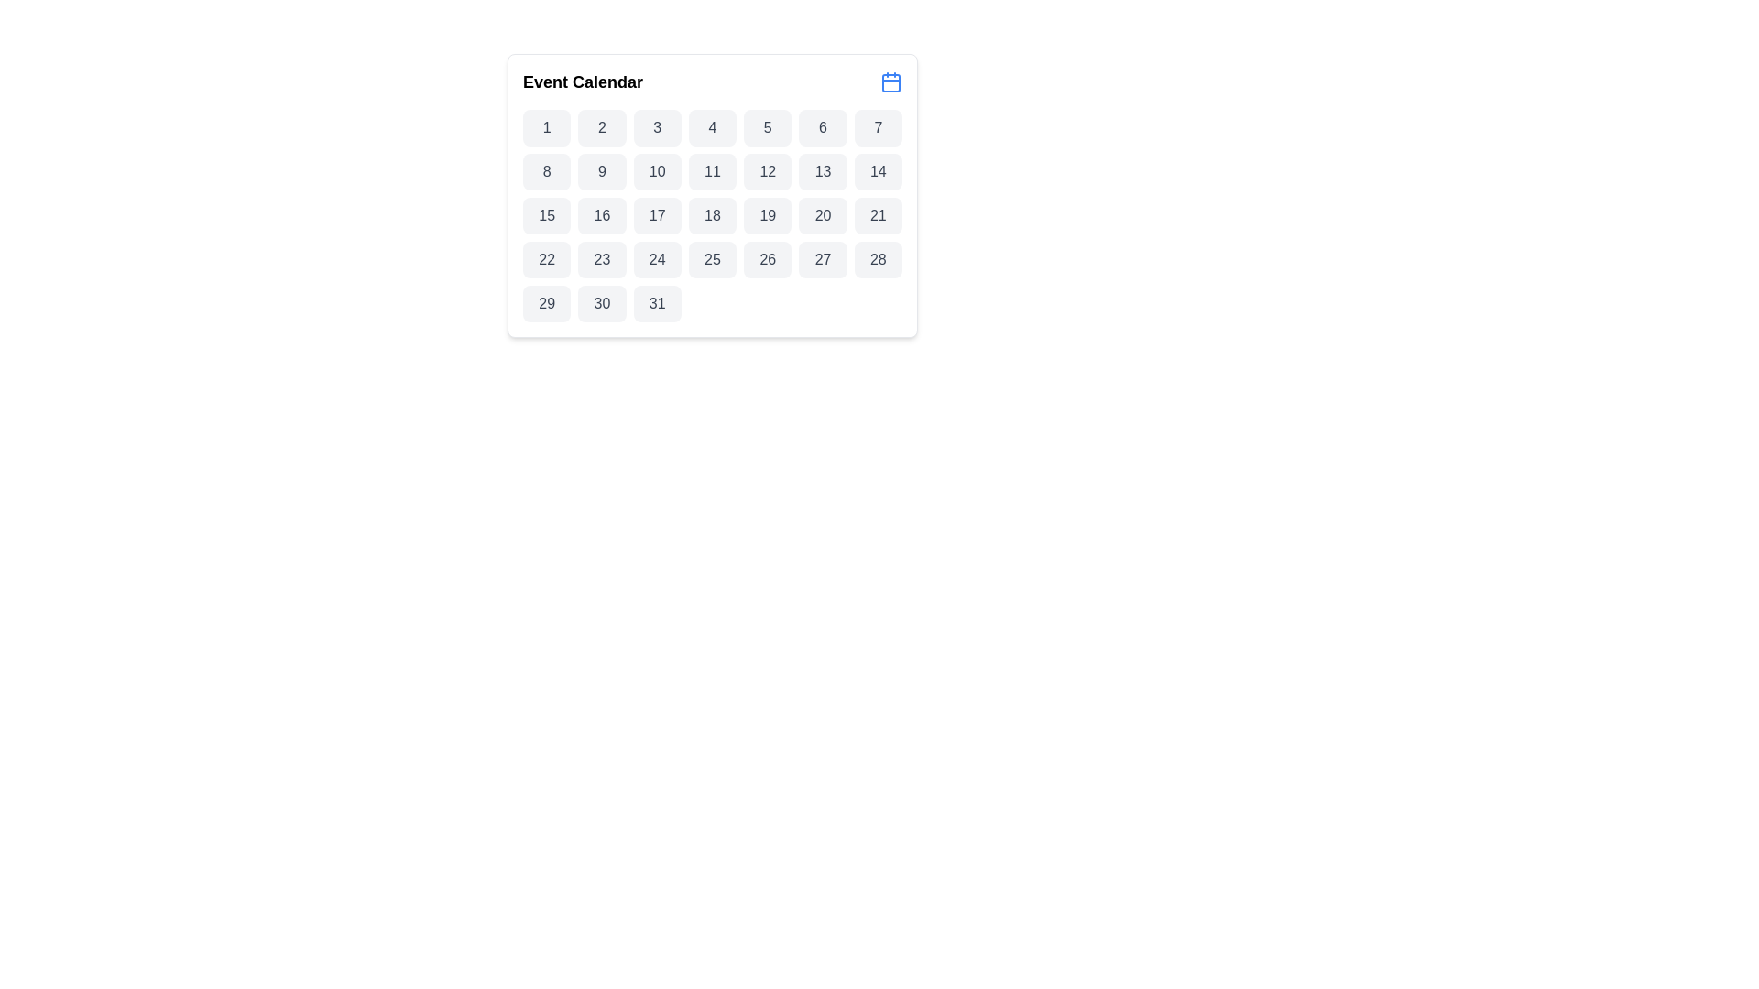 This screenshot has width=1759, height=989. What do you see at coordinates (545, 260) in the screenshot?
I see `the selection button representing the 22nd day in the calendar interface` at bounding box center [545, 260].